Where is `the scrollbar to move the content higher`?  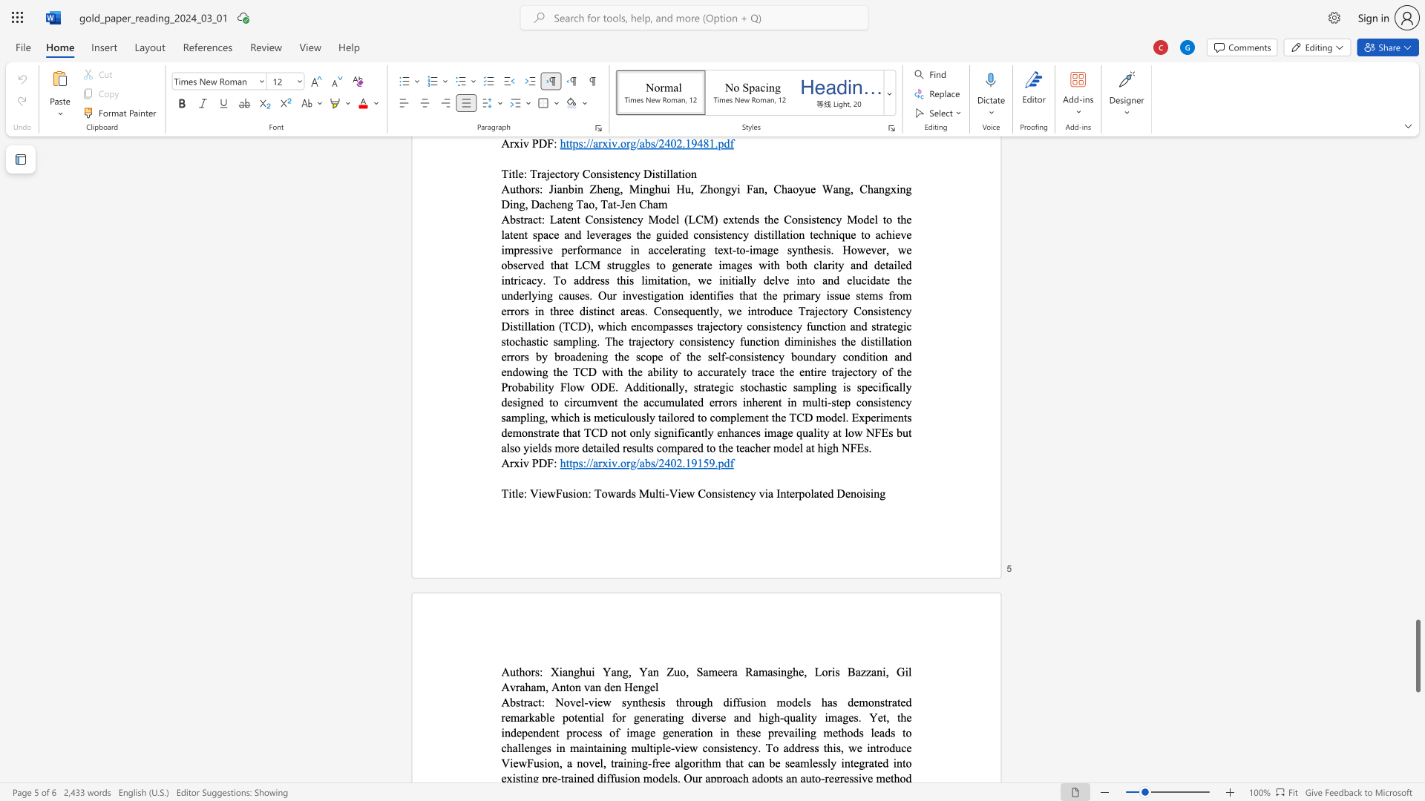 the scrollbar to move the content higher is located at coordinates (1417, 259).